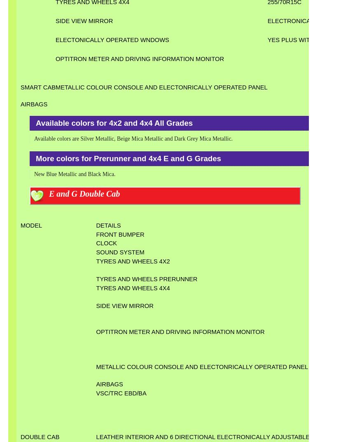  Describe the element at coordinates (95, 224) in the screenshot. I see `'DETAILS'` at that location.